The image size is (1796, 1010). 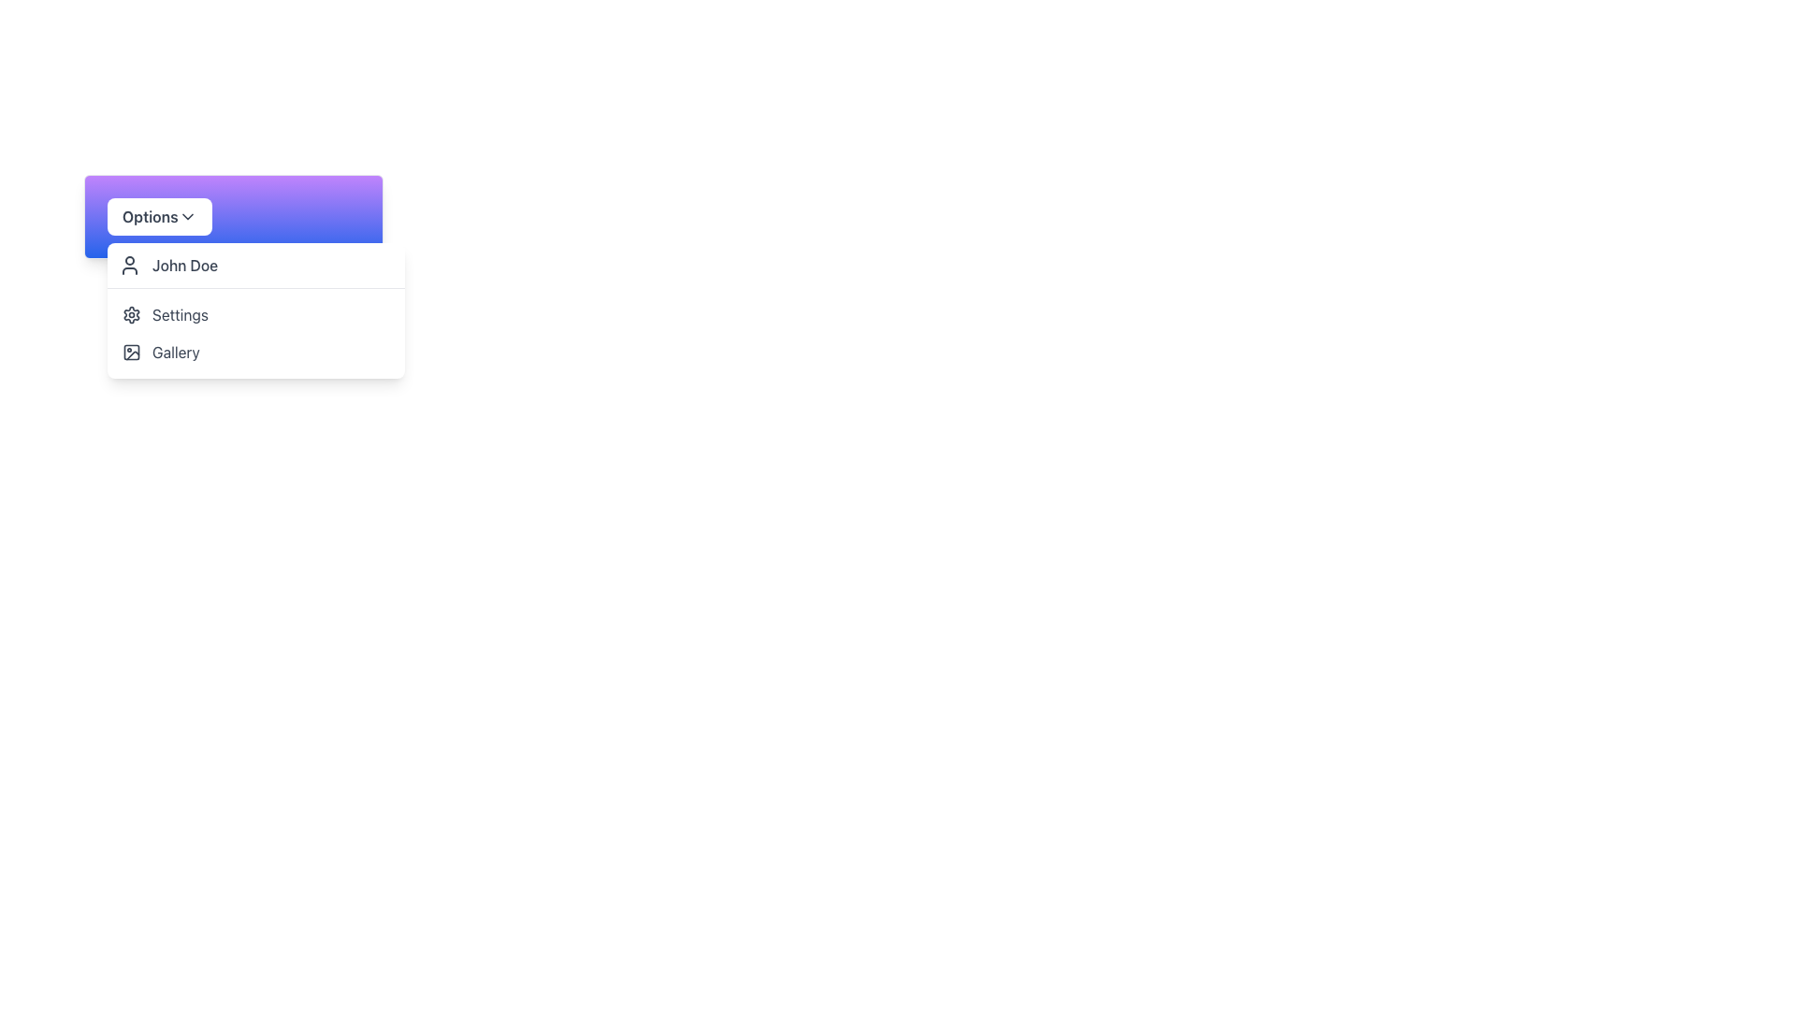 I want to click on the dropdown menu options containing 'Settings' and 'Gallery', so click(x=254, y=333).